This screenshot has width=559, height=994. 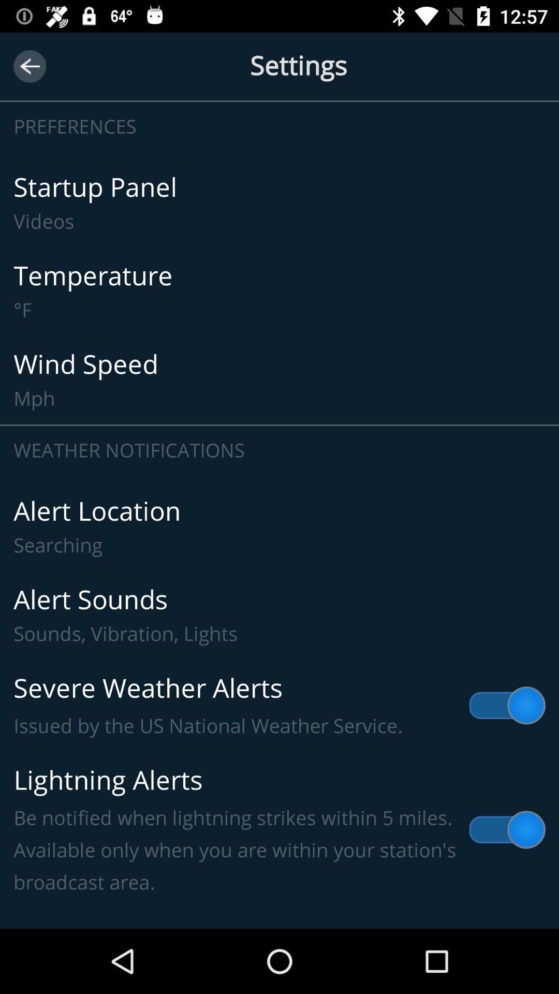 What do you see at coordinates (279, 66) in the screenshot?
I see `setting` at bounding box center [279, 66].